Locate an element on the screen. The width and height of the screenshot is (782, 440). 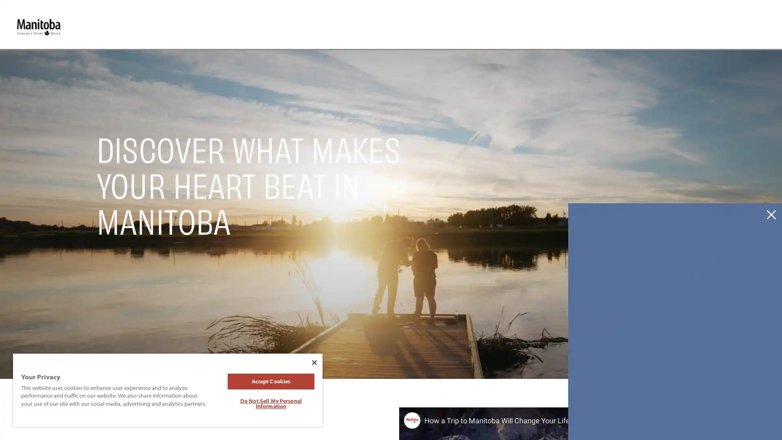
Toggle Experience Builder is located at coordinates (614, 26).